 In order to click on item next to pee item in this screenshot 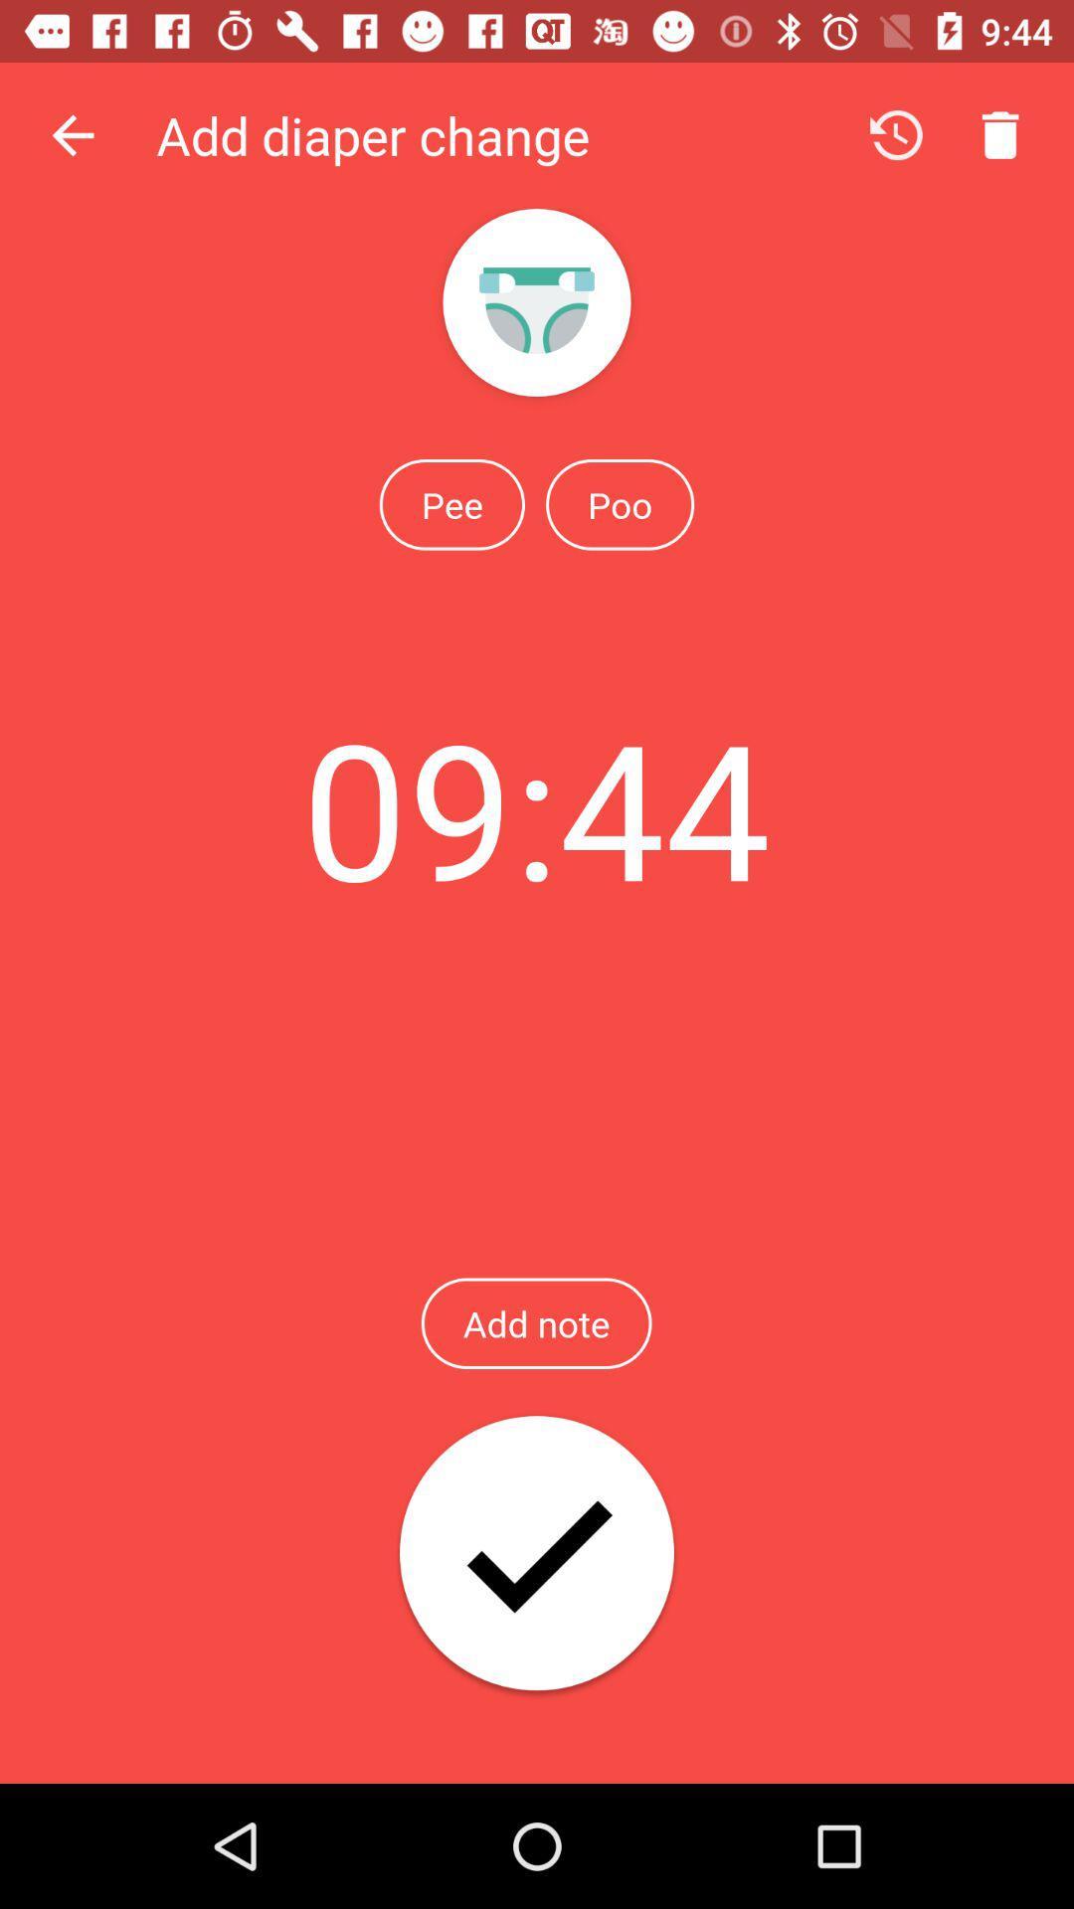, I will do `click(619, 504)`.